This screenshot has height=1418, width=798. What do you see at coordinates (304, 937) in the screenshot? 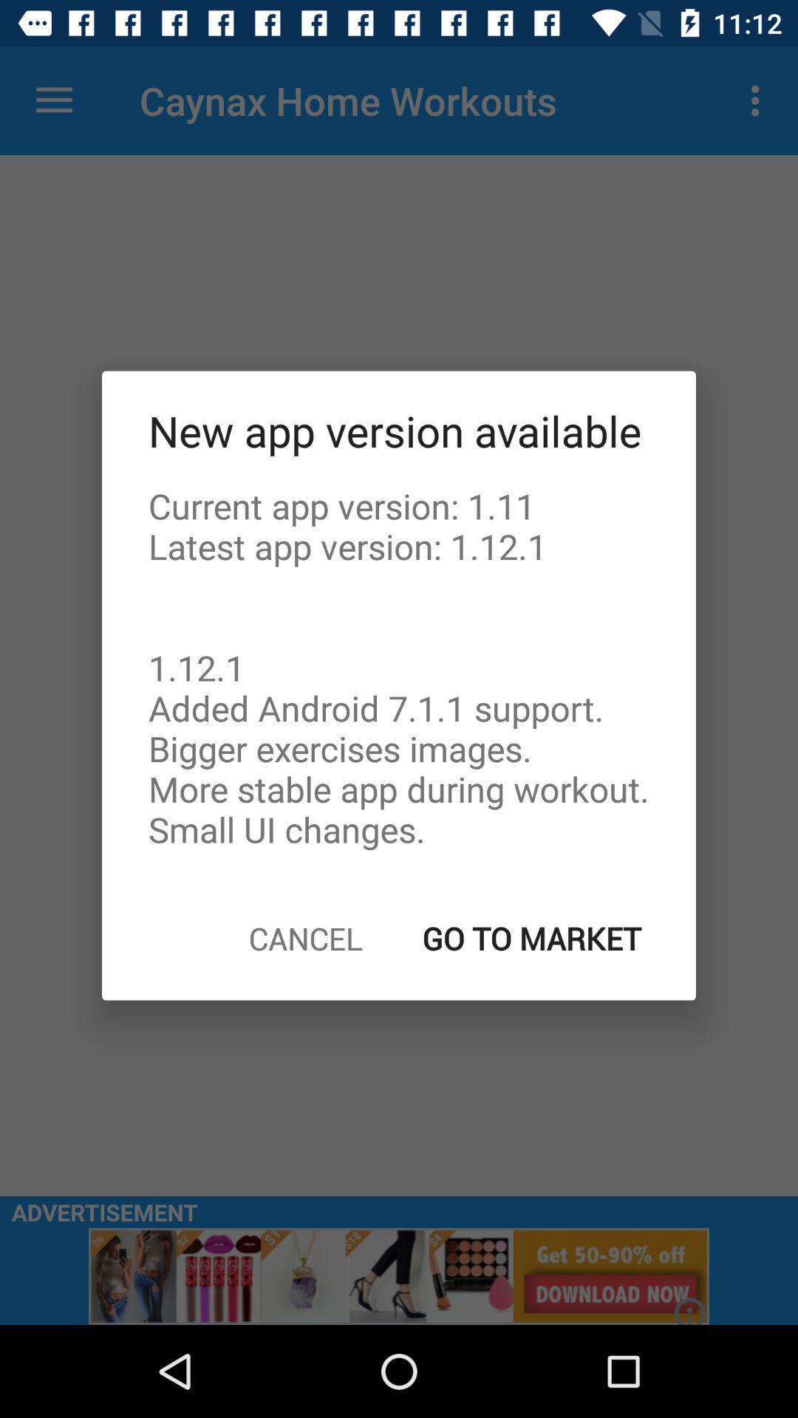
I see `item next to go to market item` at bounding box center [304, 937].